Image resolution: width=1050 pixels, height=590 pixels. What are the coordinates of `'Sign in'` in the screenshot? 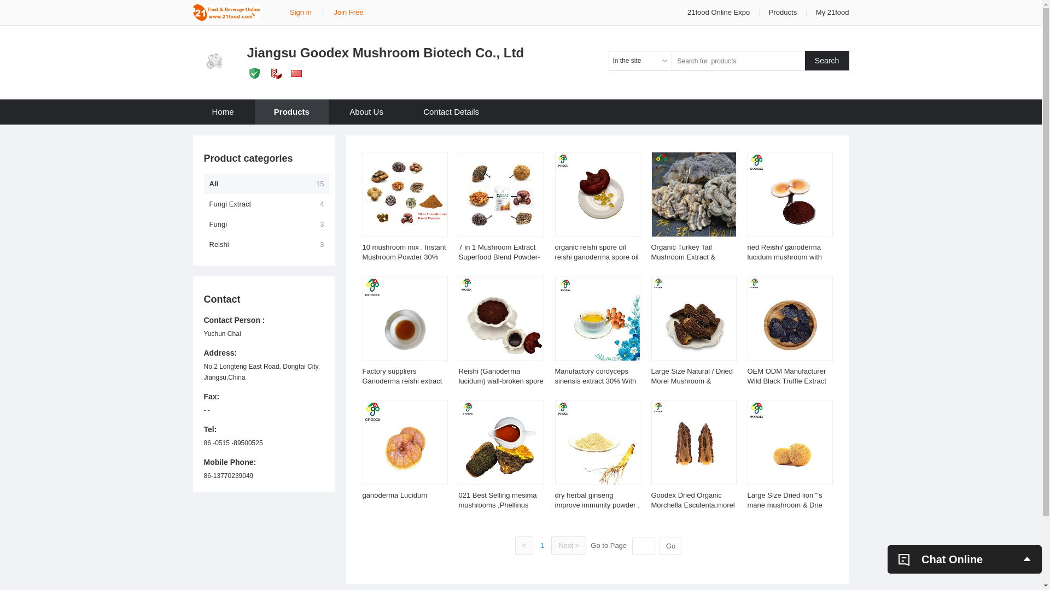 It's located at (301, 12).